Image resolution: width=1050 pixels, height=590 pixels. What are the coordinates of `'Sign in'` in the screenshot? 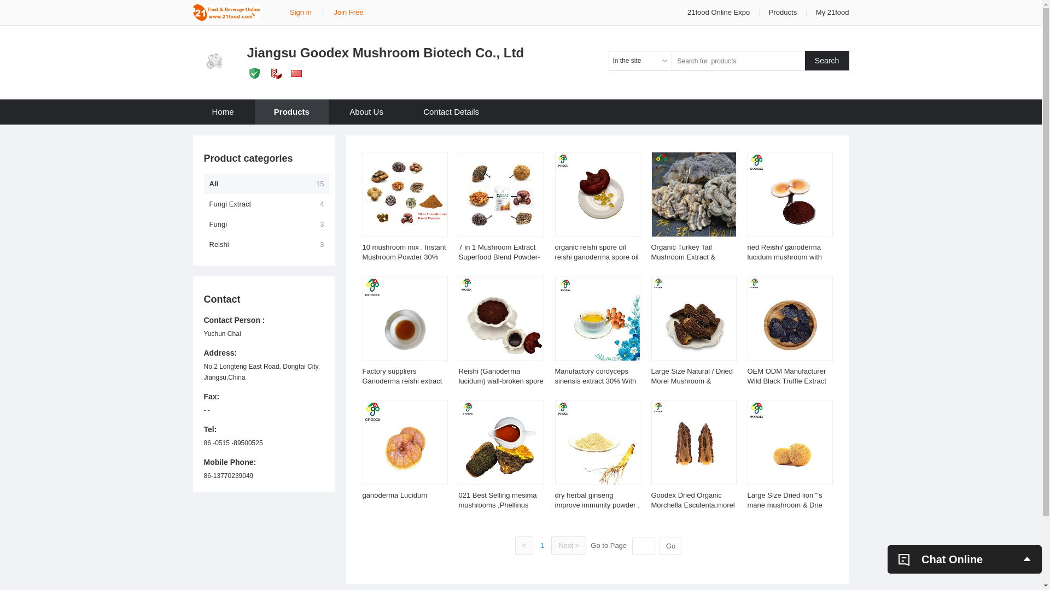 It's located at (301, 12).